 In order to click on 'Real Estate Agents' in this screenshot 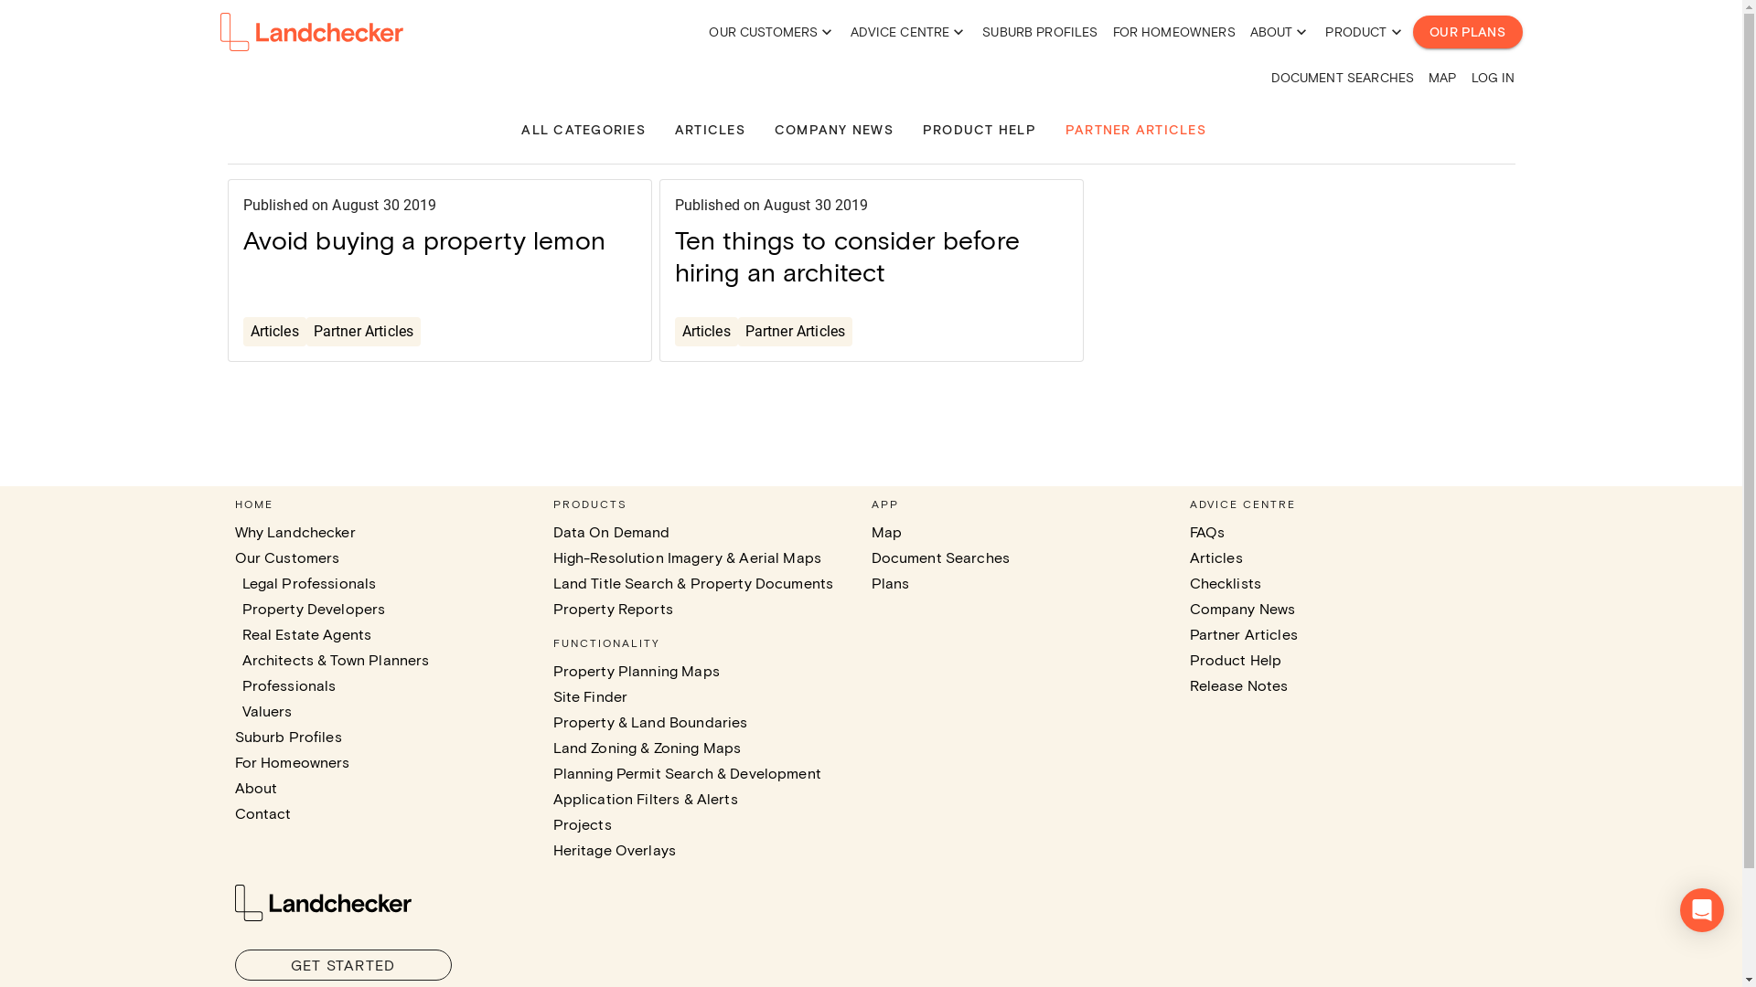, I will do `click(306, 633)`.